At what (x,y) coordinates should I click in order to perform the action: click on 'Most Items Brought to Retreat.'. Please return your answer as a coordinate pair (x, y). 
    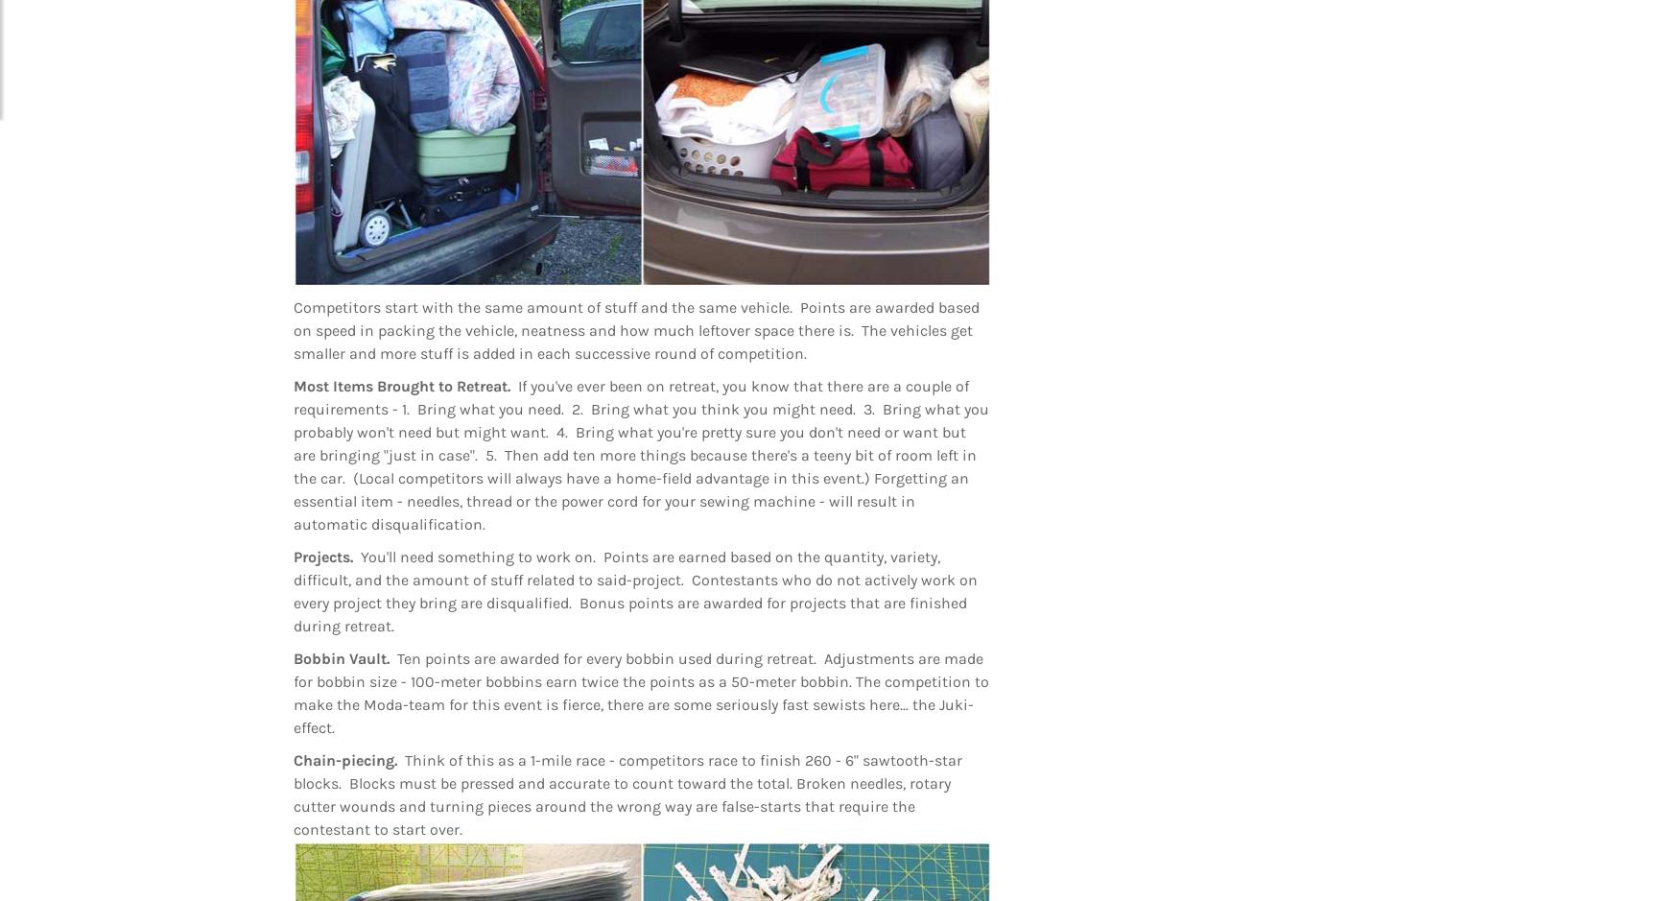
    Looking at the image, I should click on (293, 385).